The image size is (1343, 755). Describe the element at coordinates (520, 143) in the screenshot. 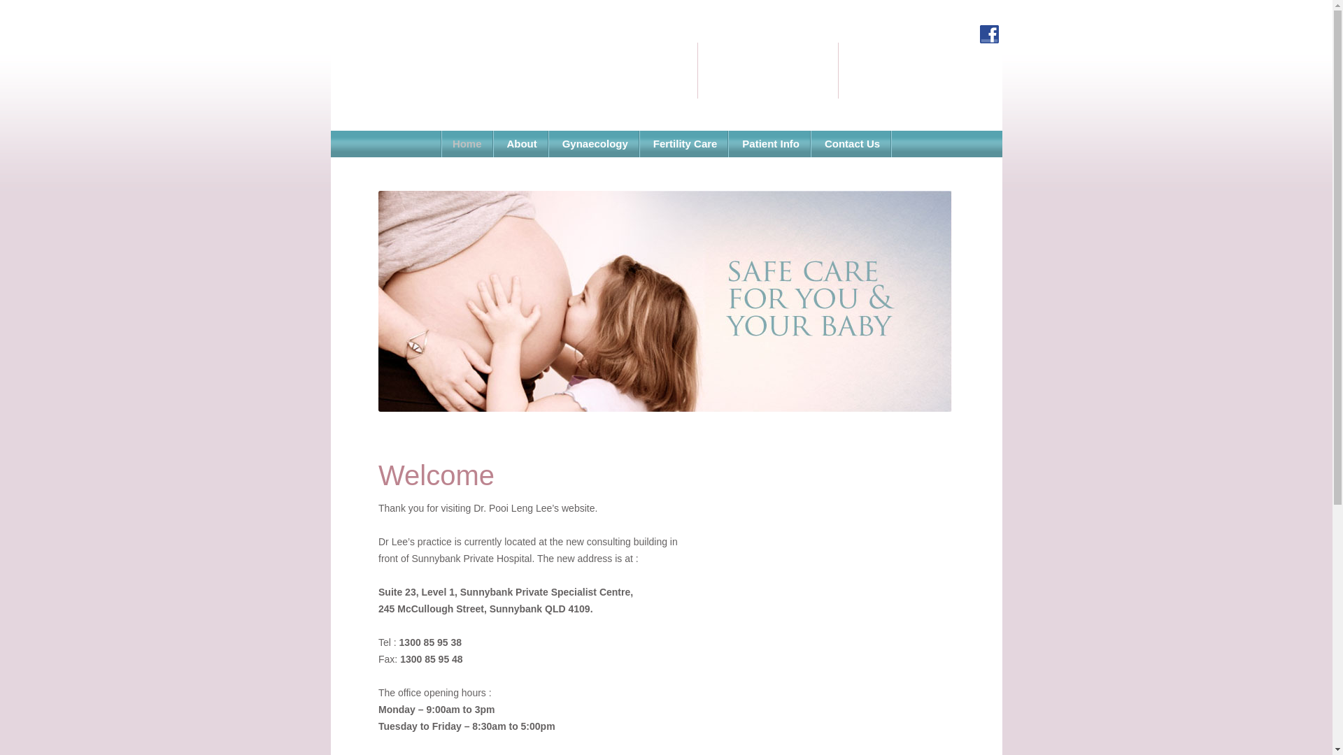

I see `'About'` at that location.